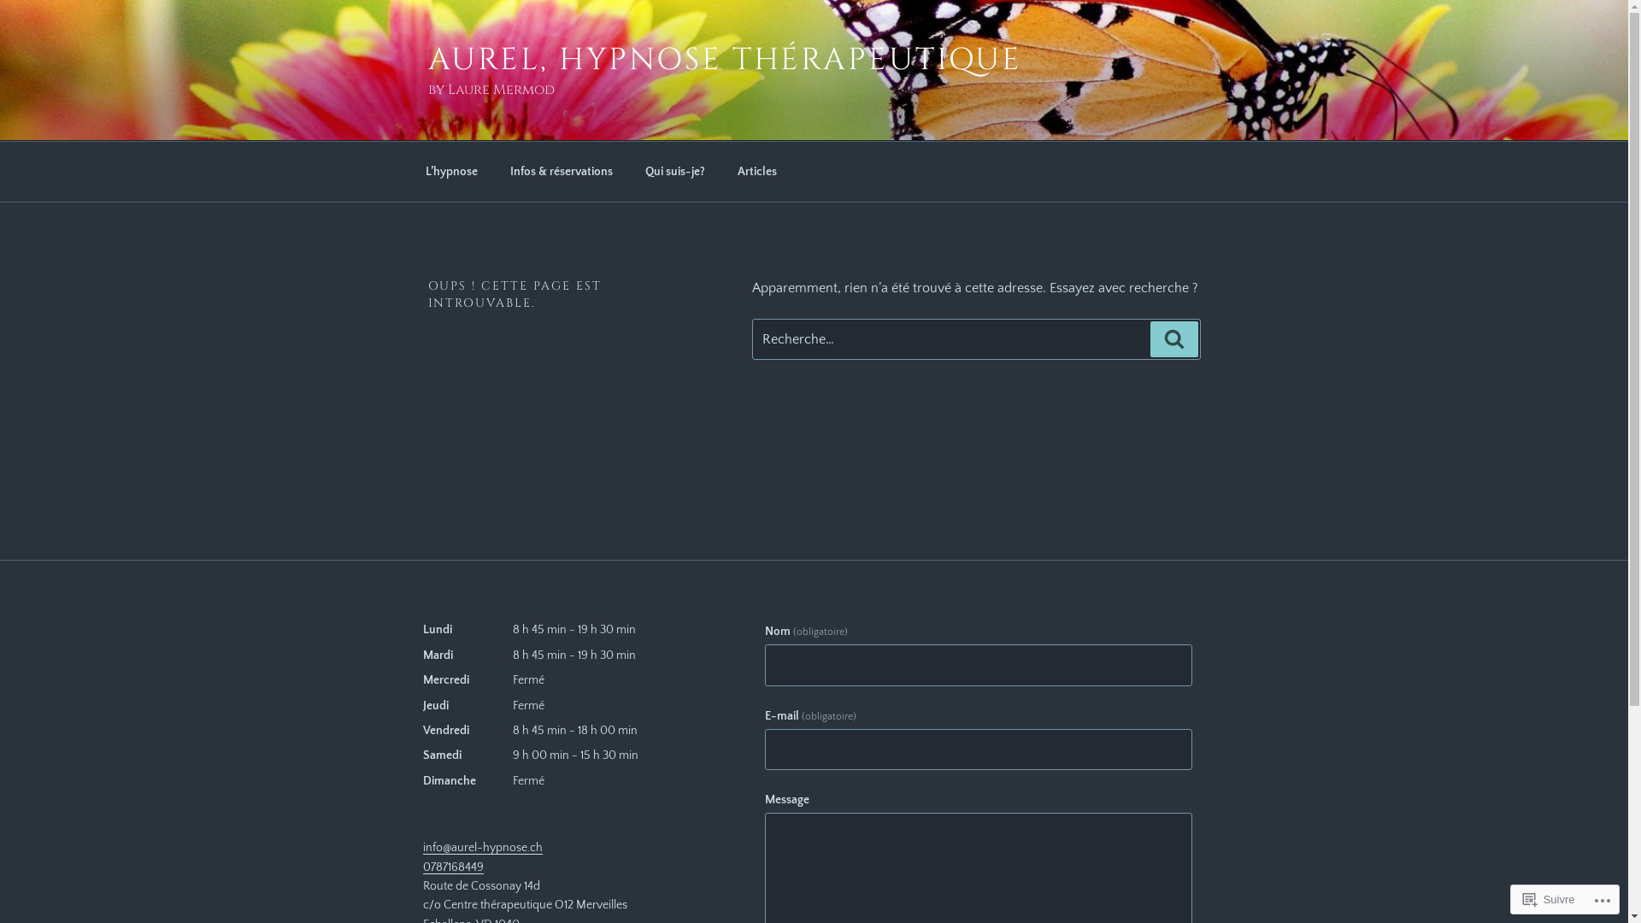 The image size is (1641, 923). I want to click on 'Suivre', so click(1549, 898).